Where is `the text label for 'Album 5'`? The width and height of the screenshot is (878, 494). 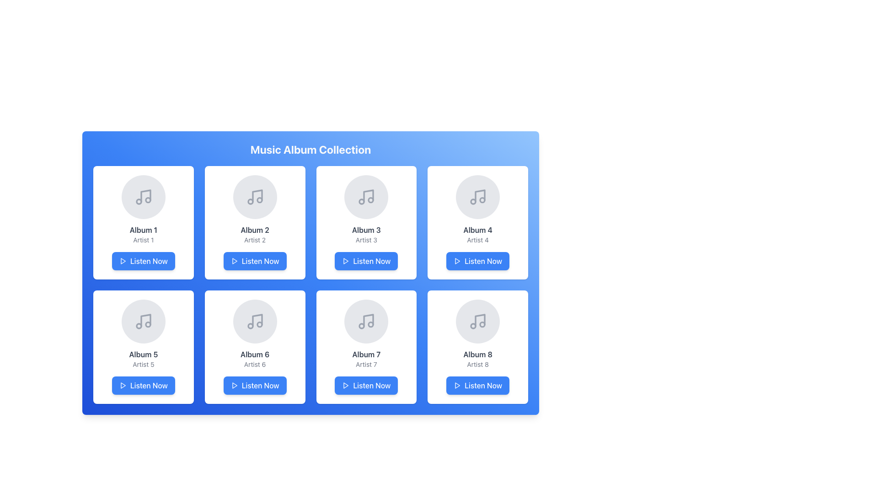 the text label for 'Album 5' is located at coordinates (143, 354).